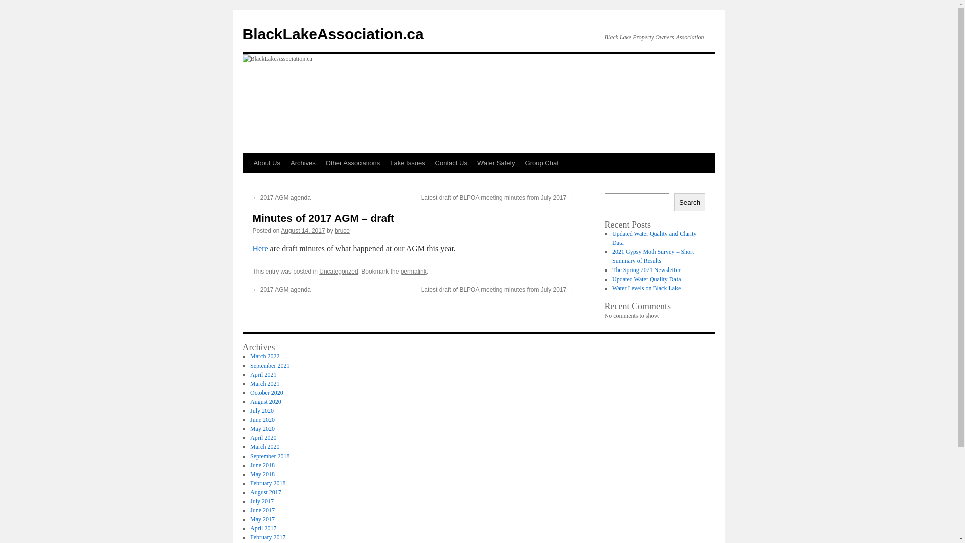 This screenshot has width=965, height=543. Describe the element at coordinates (689, 202) in the screenshot. I see `'Search'` at that location.